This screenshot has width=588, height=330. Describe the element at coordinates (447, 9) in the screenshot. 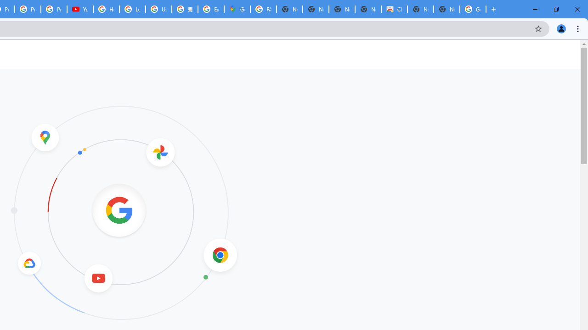

I see `'New Tab'` at that location.